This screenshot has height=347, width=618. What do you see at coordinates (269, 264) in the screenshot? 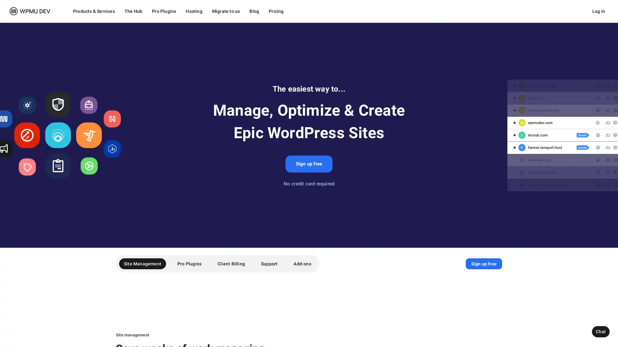
I see `Support` at bounding box center [269, 264].